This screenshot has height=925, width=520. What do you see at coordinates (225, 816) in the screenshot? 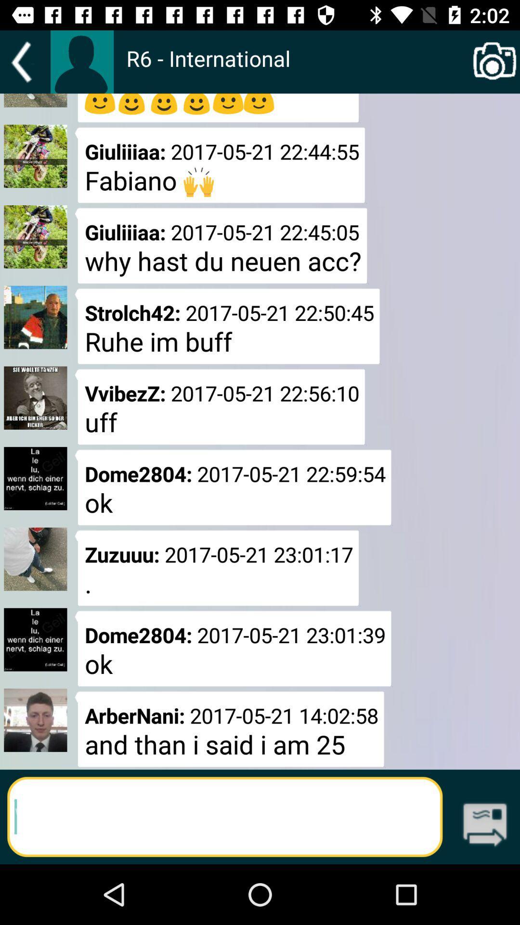
I see `search` at bounding box center [225, 816].